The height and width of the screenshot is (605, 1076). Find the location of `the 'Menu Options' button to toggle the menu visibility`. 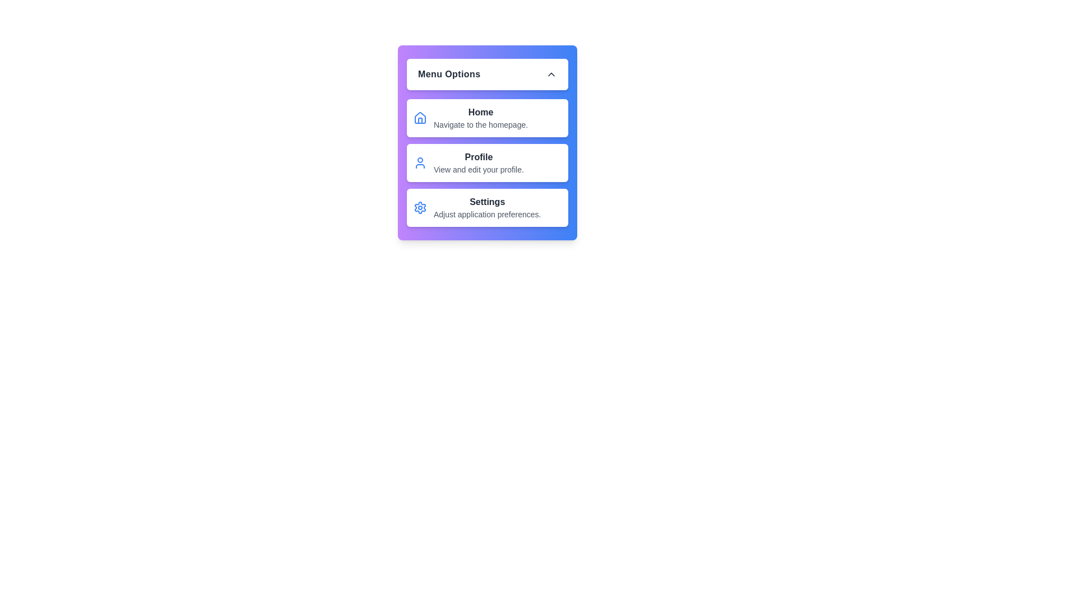

the 'Menu Options' button to toggle the menu visibility is located at coordinates (487, 74).